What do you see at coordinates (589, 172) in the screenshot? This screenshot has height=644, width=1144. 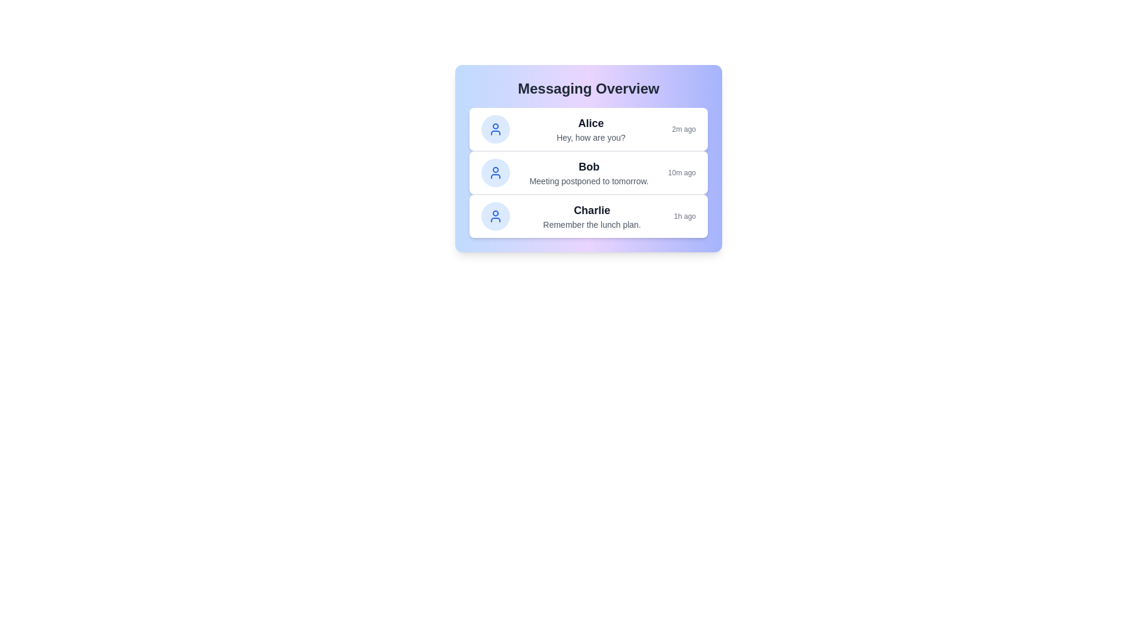 I see `the message from Bob to view details` at bounding box center [589, 172].